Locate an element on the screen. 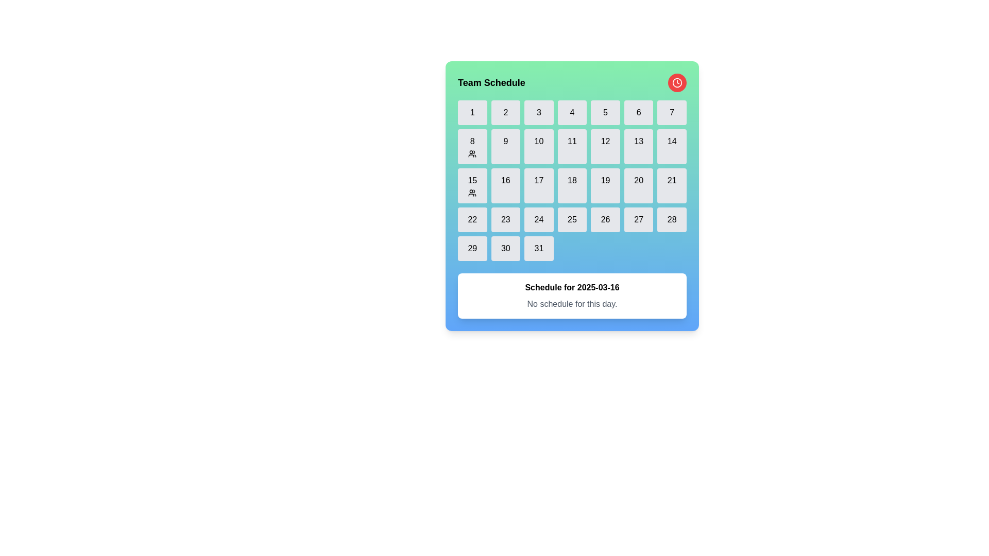 The image size is (989, 556). the date selector button for the 24th of the month in the 'Team Schedule' calendar interface is located at coordinates (538, 219).